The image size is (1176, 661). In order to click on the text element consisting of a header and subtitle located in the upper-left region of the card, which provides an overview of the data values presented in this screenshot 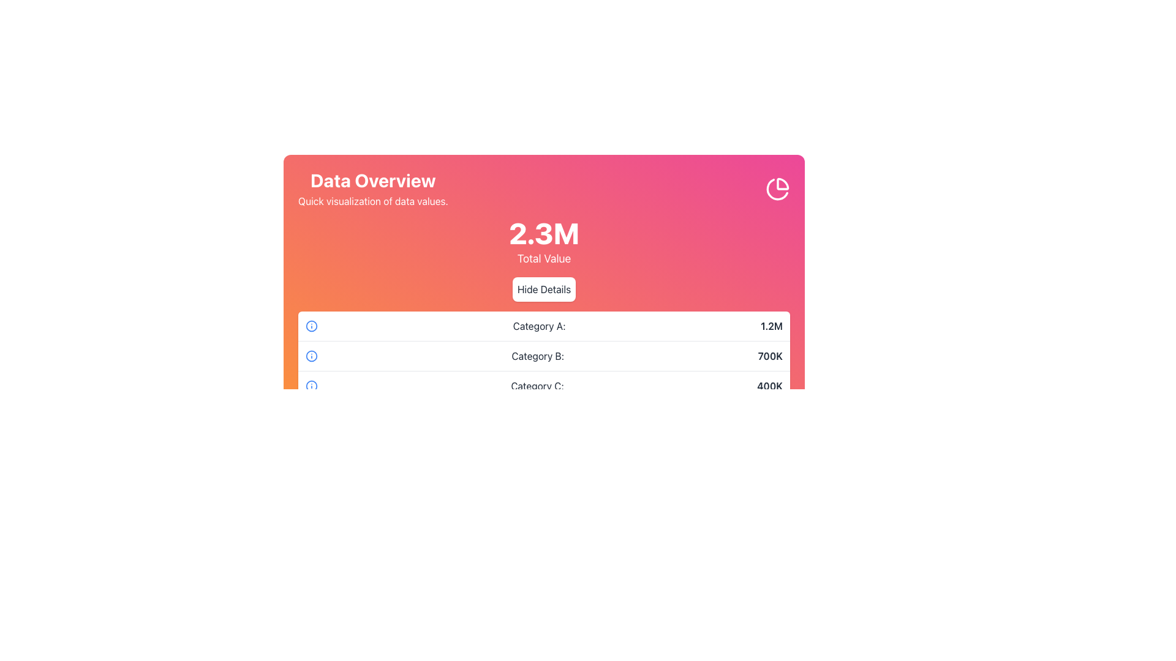, I will do `click(372, 189)`.